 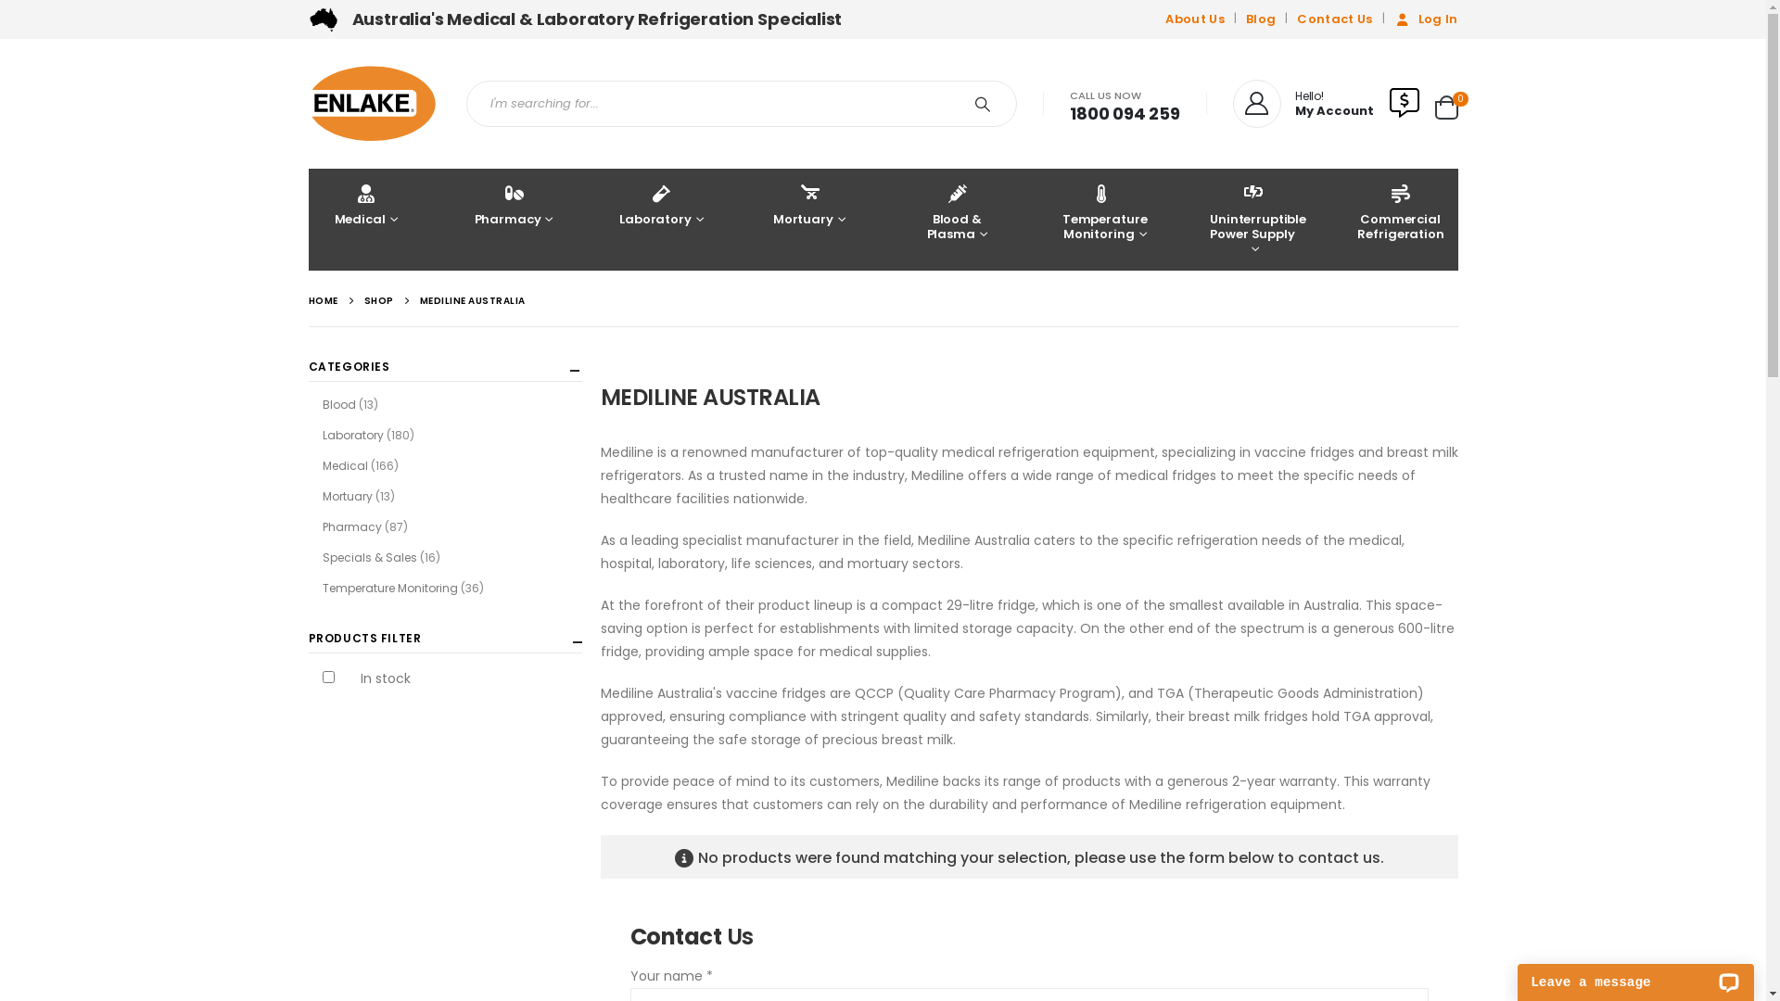 I want to click on 'About Us', so click(x=1164, y=19).